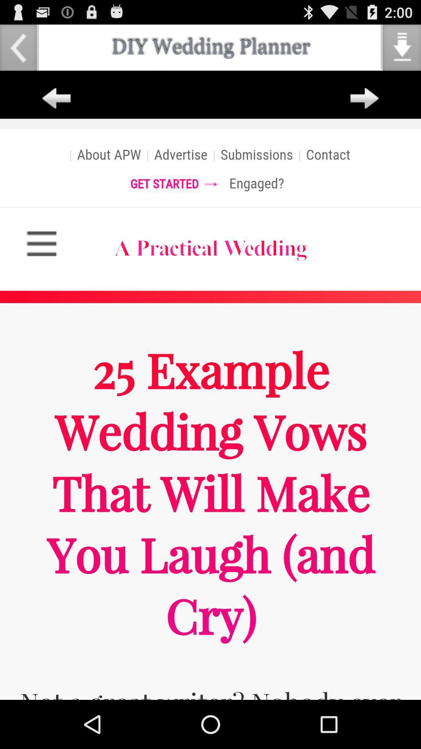 This screenshot has width=421, height=749. Describe the element at coordinates (56, 98) in the screenshot. I see `go back` at that location.